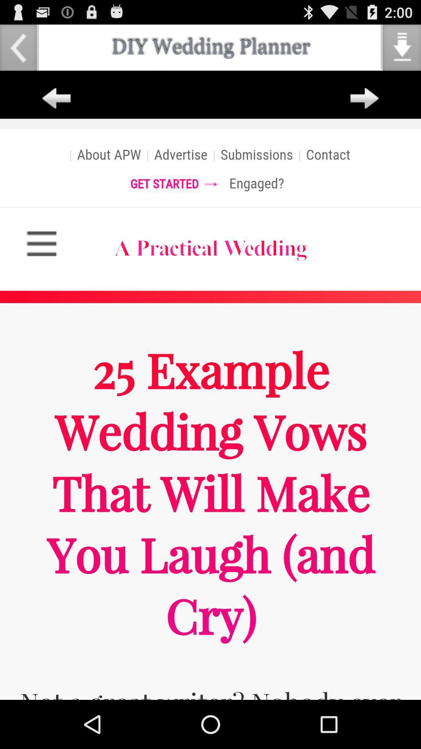 This screenshot has width=421, height=749. Describe the element at coordinates (56, 98) in the screenshot. I see `go back` at that location.